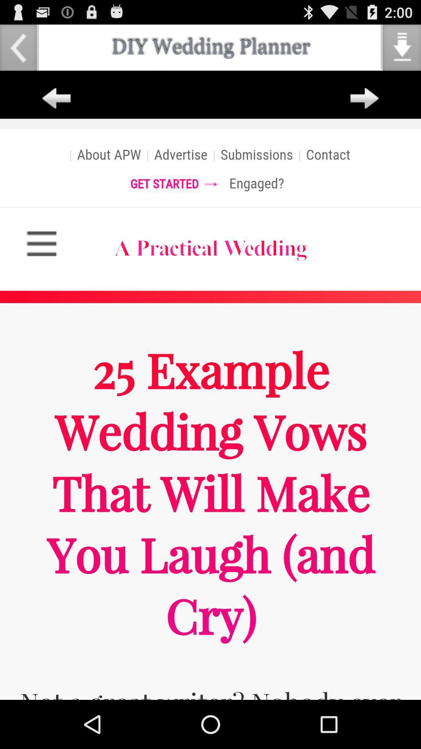 This screenshot has width=421, height=749. Describe the element at coordinates (56, 98) in the screenshot. I see `go back` at that location.